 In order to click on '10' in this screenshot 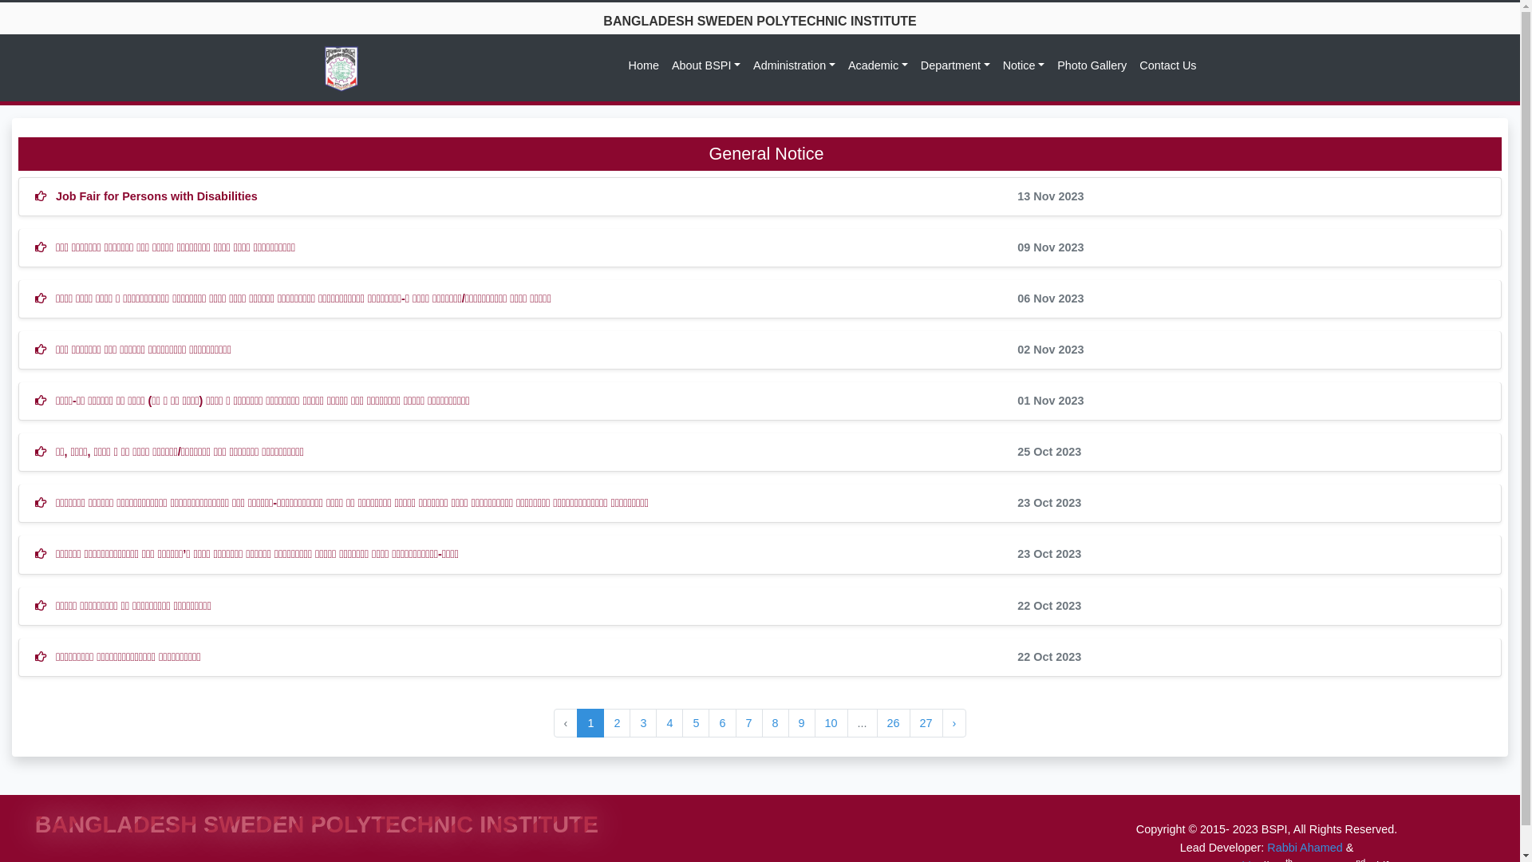, I will do `click(830, 723)`.